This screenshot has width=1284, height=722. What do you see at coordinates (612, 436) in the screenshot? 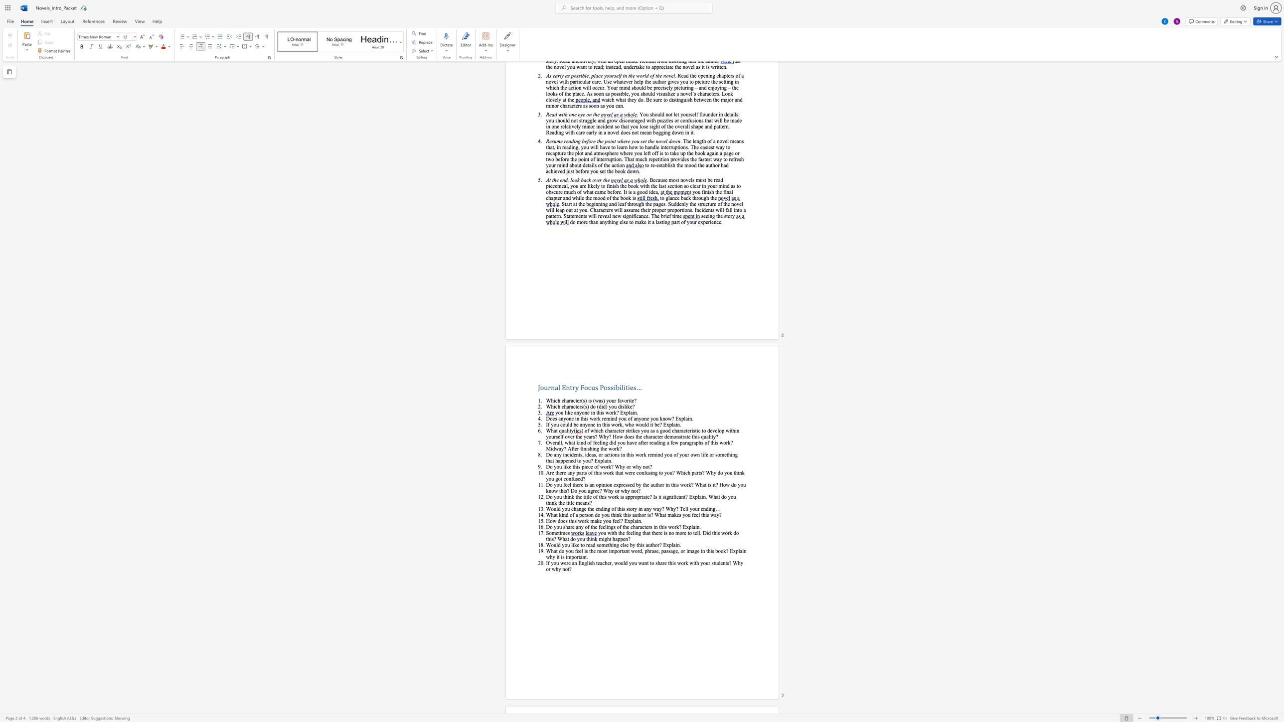
I see `the subset text "How does the charact" within the text ") of which character strikes you as a good characteristic to develop within yourself over the years? Why? How does the character"` at bounding box center [612, 436].